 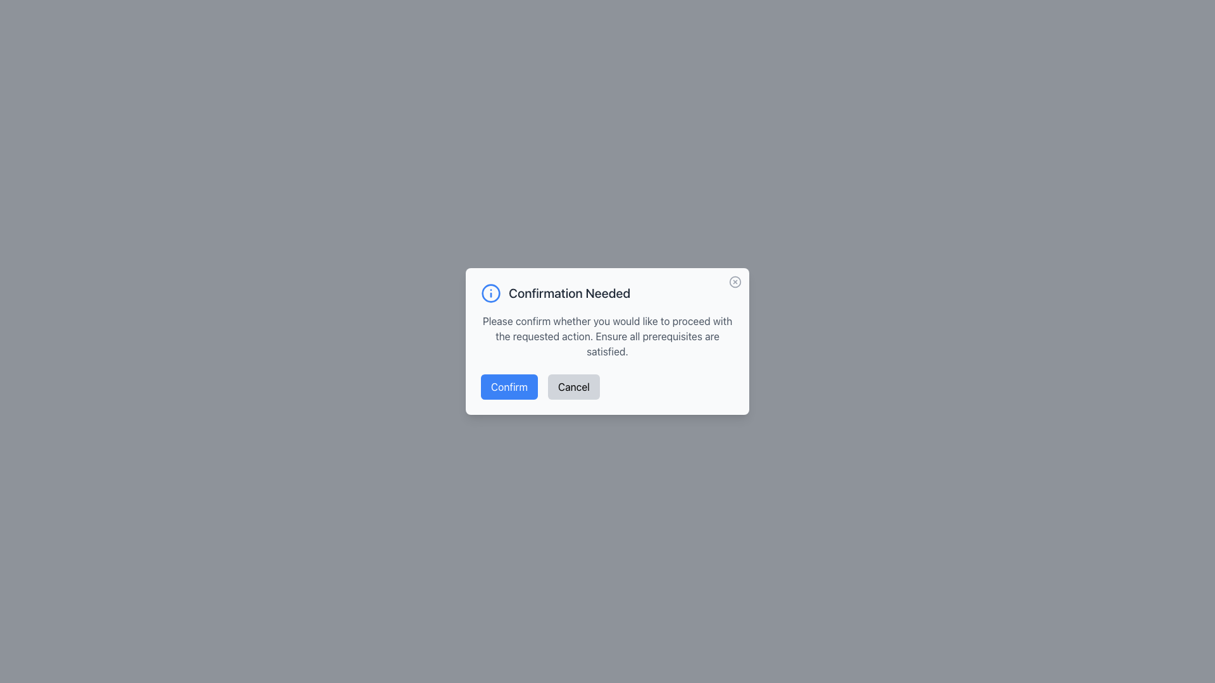 What do you see at coordinates (607, 293) in the screenshot?
I see `the heading element of the confirmation dialog, which is located at the upper part of the dialog box, above the instructional text and aligned with the icon` at bounding box center [607, 293].